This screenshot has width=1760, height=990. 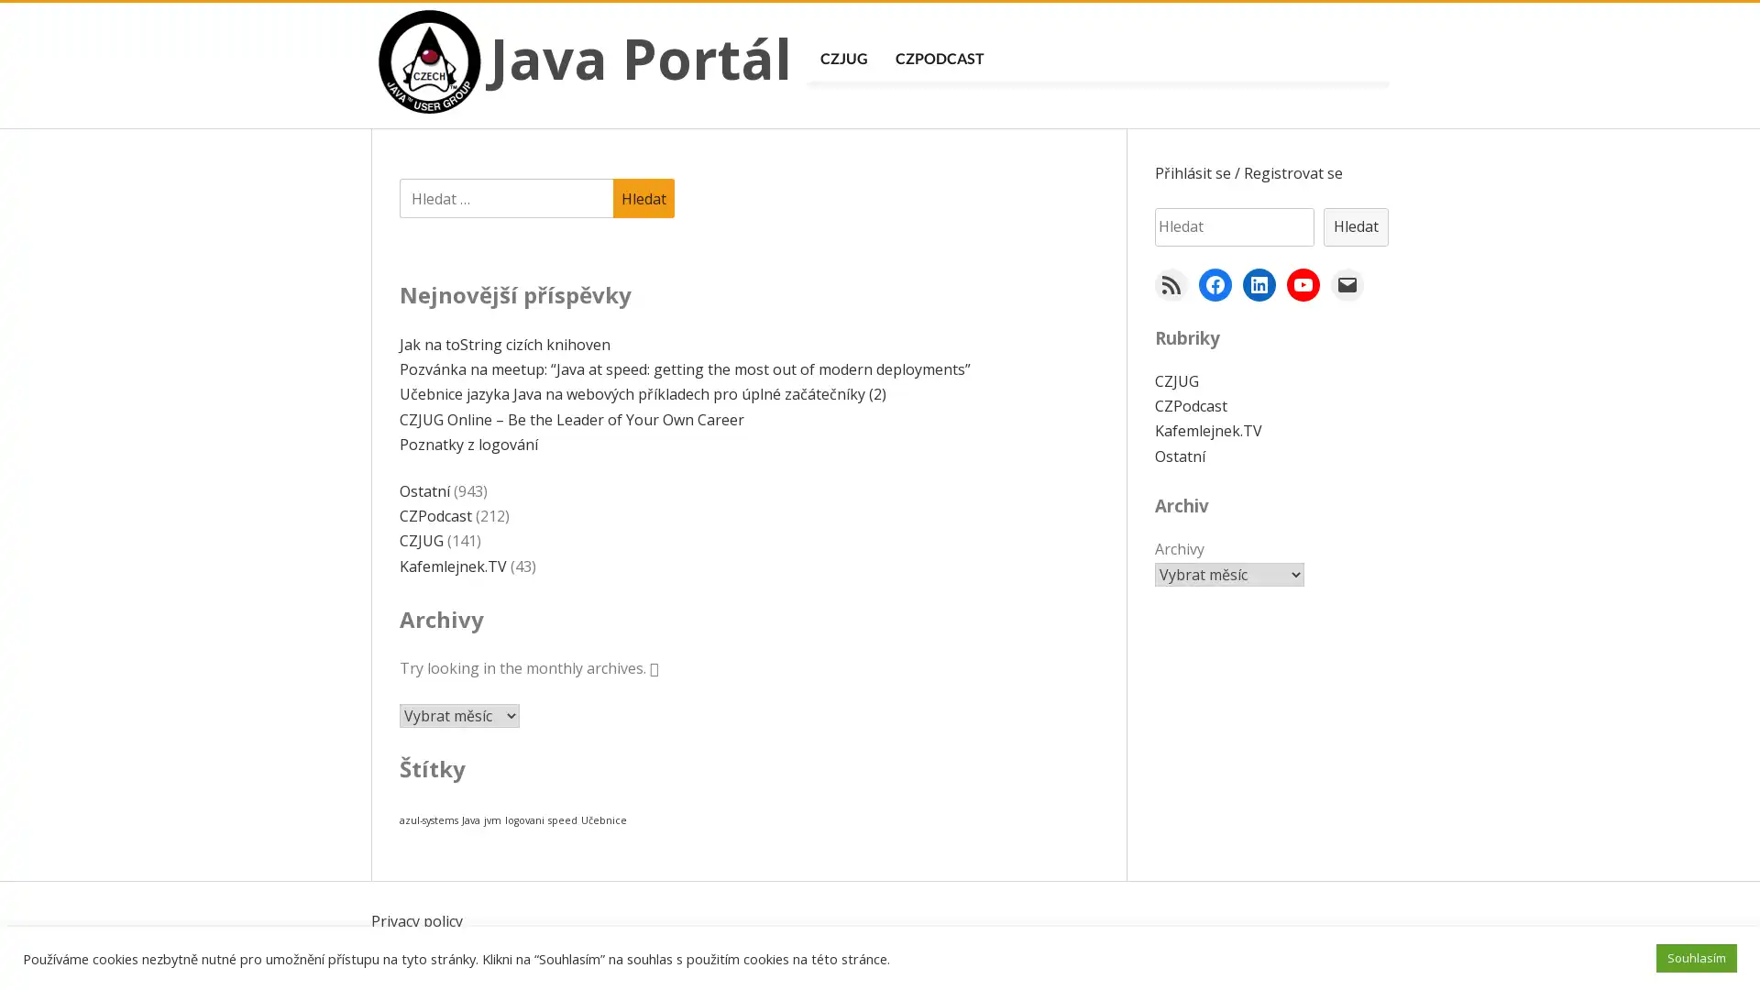 What do you see at coordinates (1696, 957) in the screenshot?
I see `Souhlasim` at bounding box center [1696, 957].